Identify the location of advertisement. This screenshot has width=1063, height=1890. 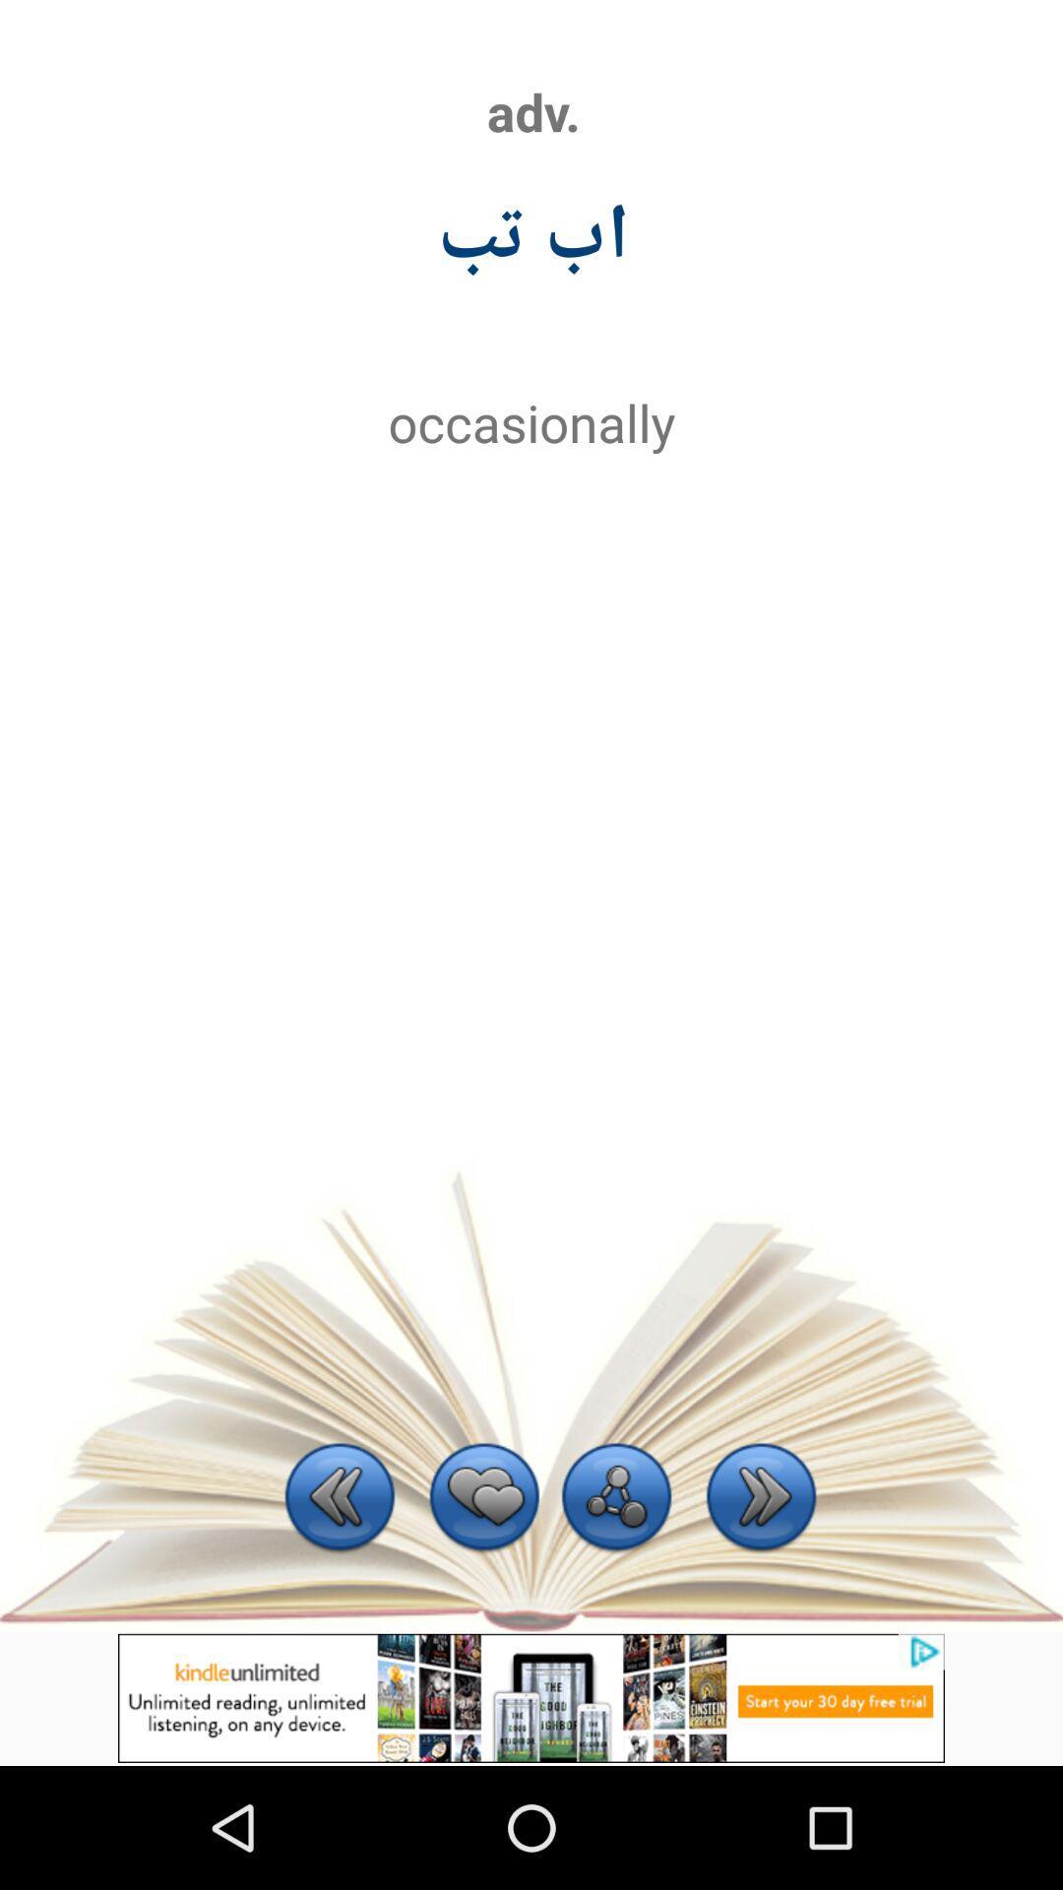
(531, 1697).